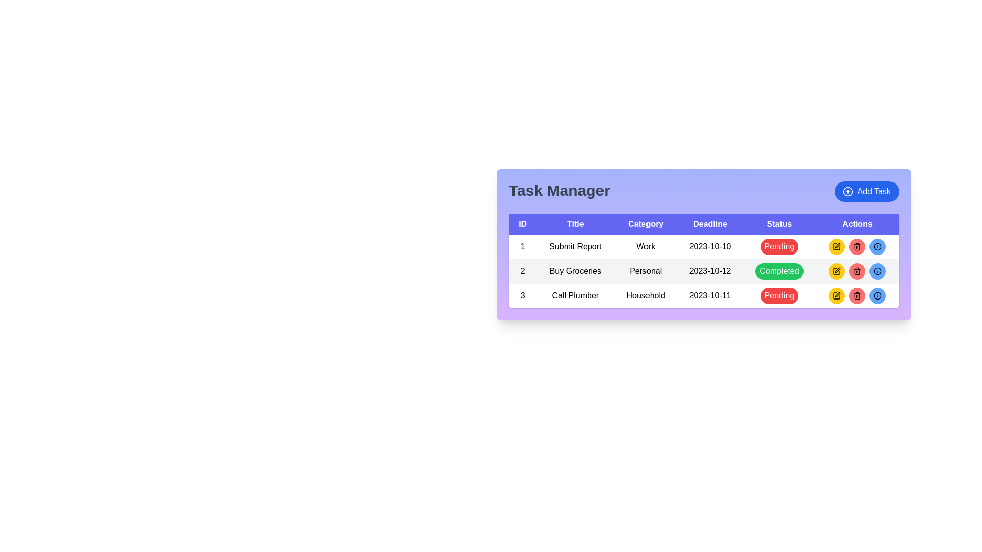  I want to click on the information button in the 'Actions' column of the table for the task titled 'Call Plumber', so click(877, 295).